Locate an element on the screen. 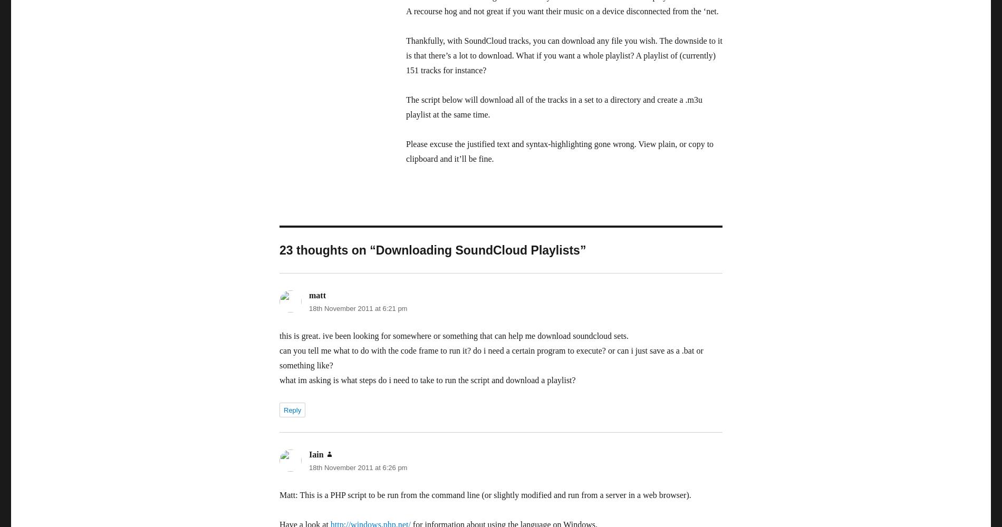 The height and width of the screenshot is (527, 1002). 'Thankfully, with SoundCloud tracks, you can download any file you wish. The downside to it is that there’s a lot to download. What if you want a whole playlist? A playlist of (currently) 151 tracks for instance?' is located at coordinates (564, 55).